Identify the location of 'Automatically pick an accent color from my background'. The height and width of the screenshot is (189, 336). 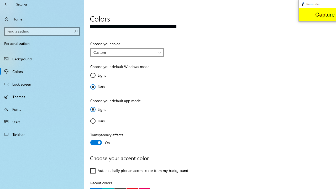
(139, 171).